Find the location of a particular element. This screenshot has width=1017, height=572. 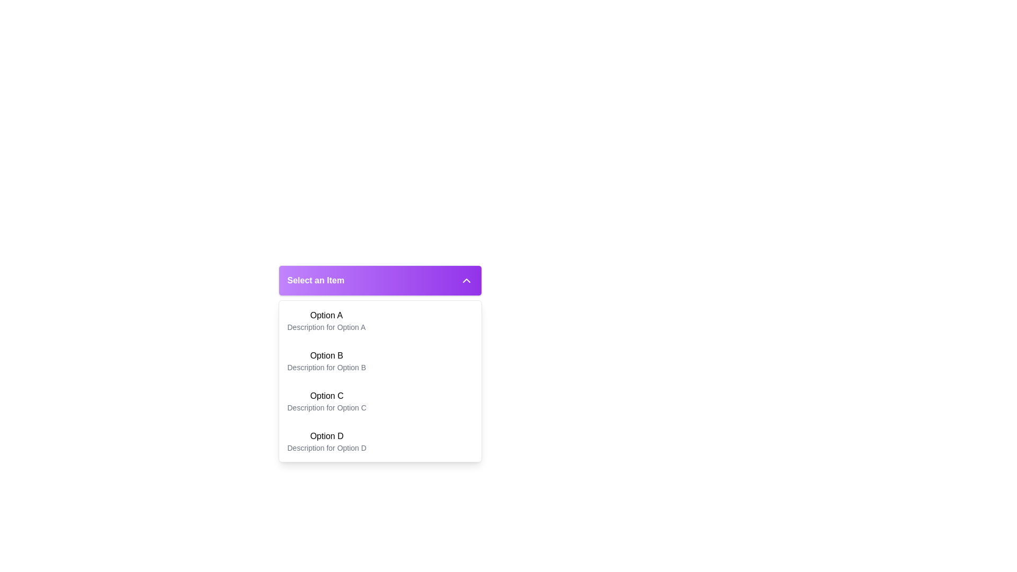

the text label that identifies the third selectable item in the dropdown list under the purple header labeled 'Select an Item' is located at coordinates (326, 396).